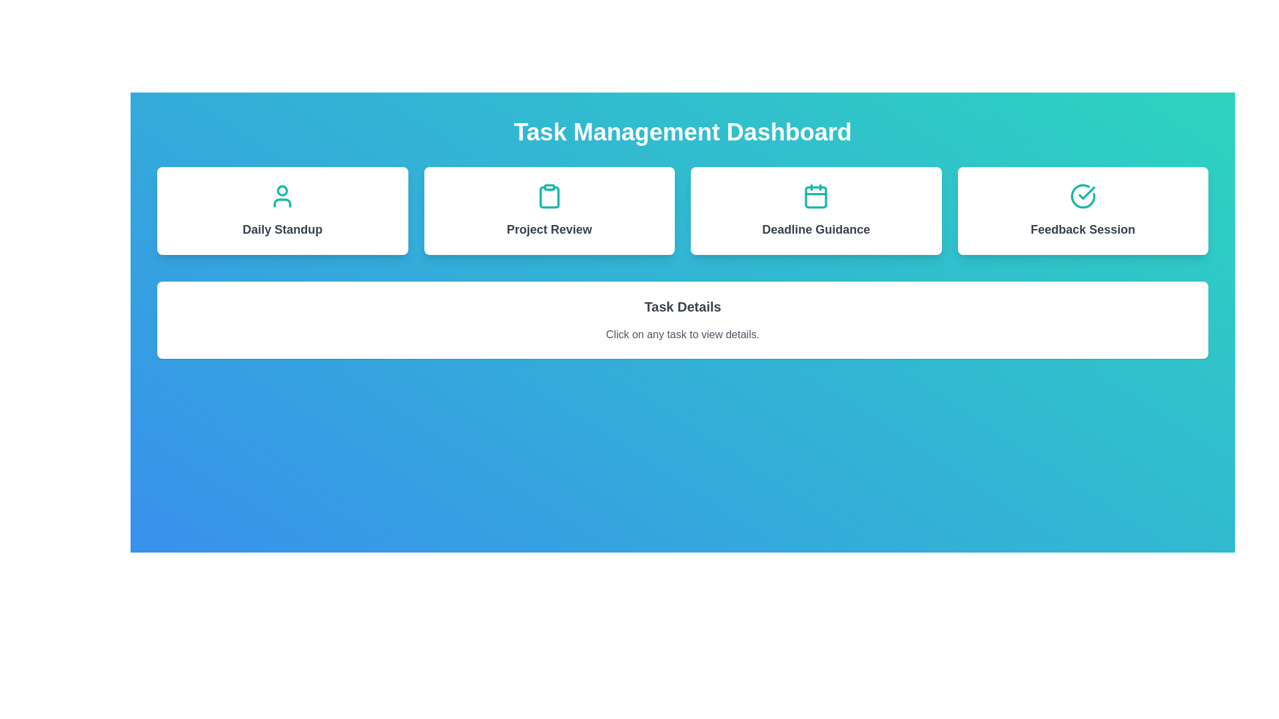  I want to click on the text label indicating 'Deadline Guidance' located at the lower section of the third card in a horizontally arranged group, so click(815, 228).